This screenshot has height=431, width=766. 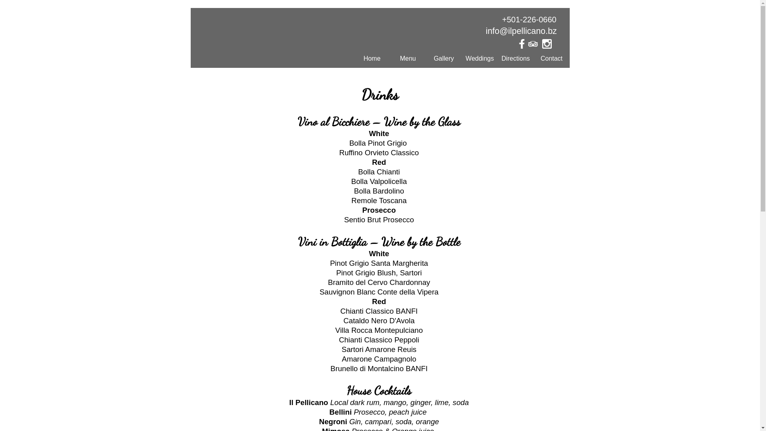 I want to click on 'Home', so click(x=371, y=58).